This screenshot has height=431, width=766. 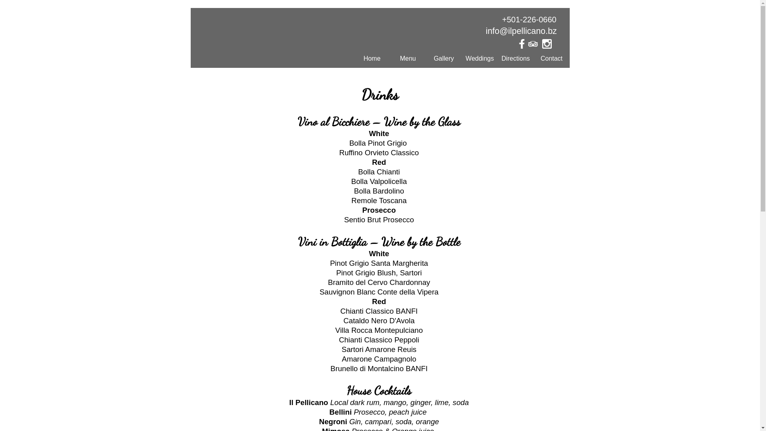 I want to click on 'Home', so click(x=371, y=58).